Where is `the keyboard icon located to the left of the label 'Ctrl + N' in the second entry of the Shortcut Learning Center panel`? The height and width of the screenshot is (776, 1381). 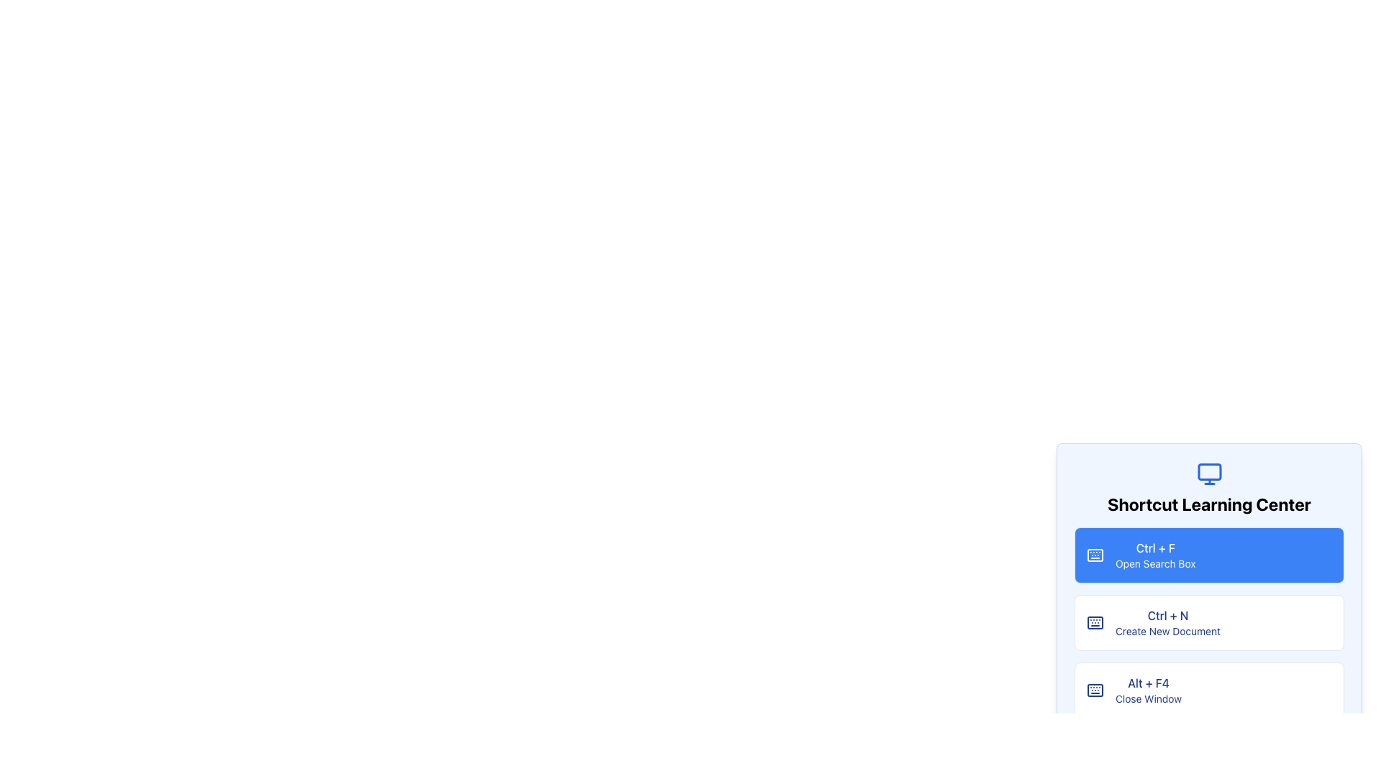 the keyboard icon located to the left of the label 'Ctrl + N' in the second entry of the Shortcut Learning Center panel is located at coordinates (1094, 622).